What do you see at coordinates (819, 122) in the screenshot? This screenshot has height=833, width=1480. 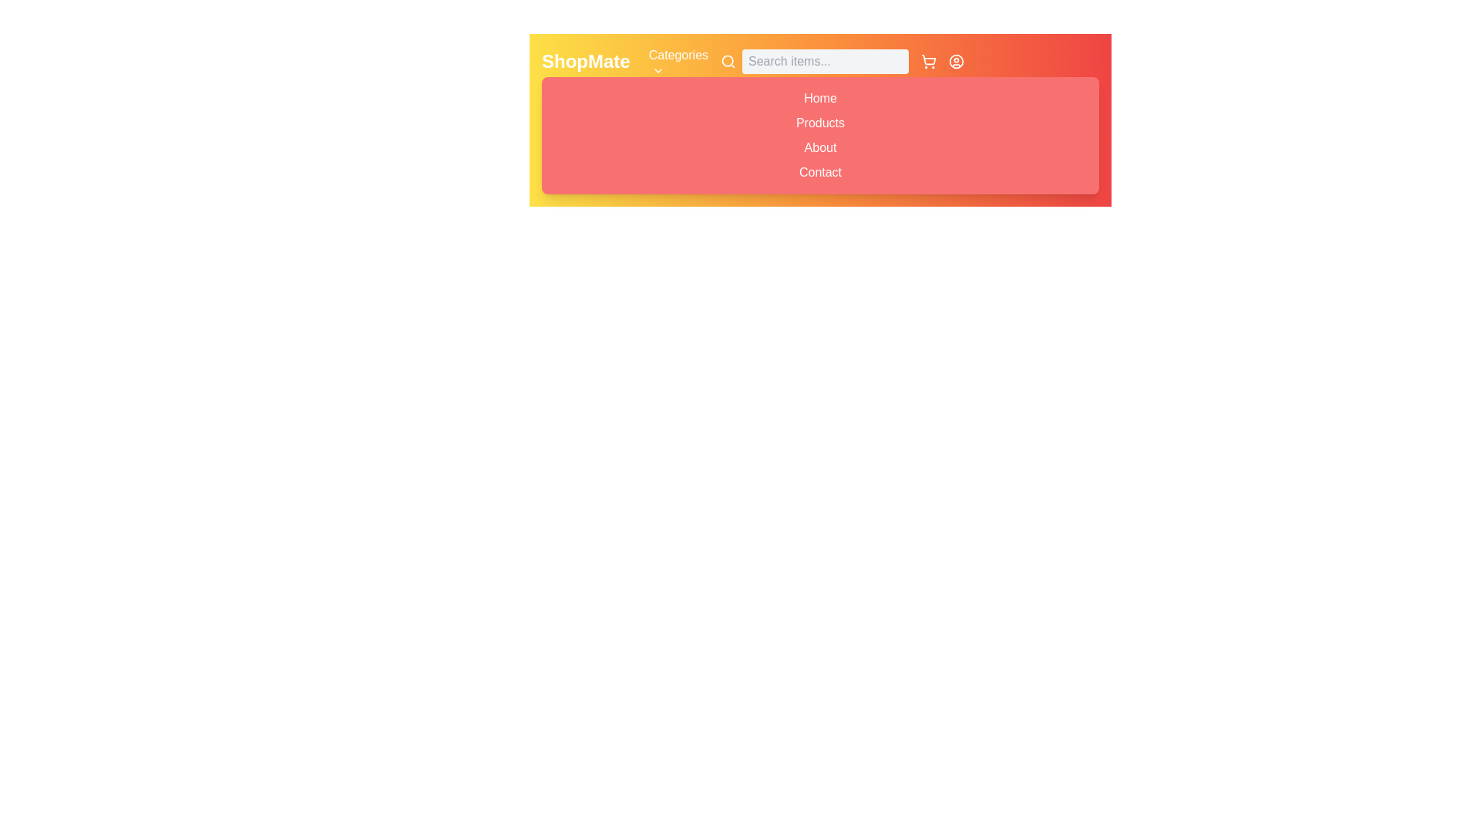 I see `the 'Products' hyperlink which is the second entry in the vertical menu list` at bounding box center [819, 122].